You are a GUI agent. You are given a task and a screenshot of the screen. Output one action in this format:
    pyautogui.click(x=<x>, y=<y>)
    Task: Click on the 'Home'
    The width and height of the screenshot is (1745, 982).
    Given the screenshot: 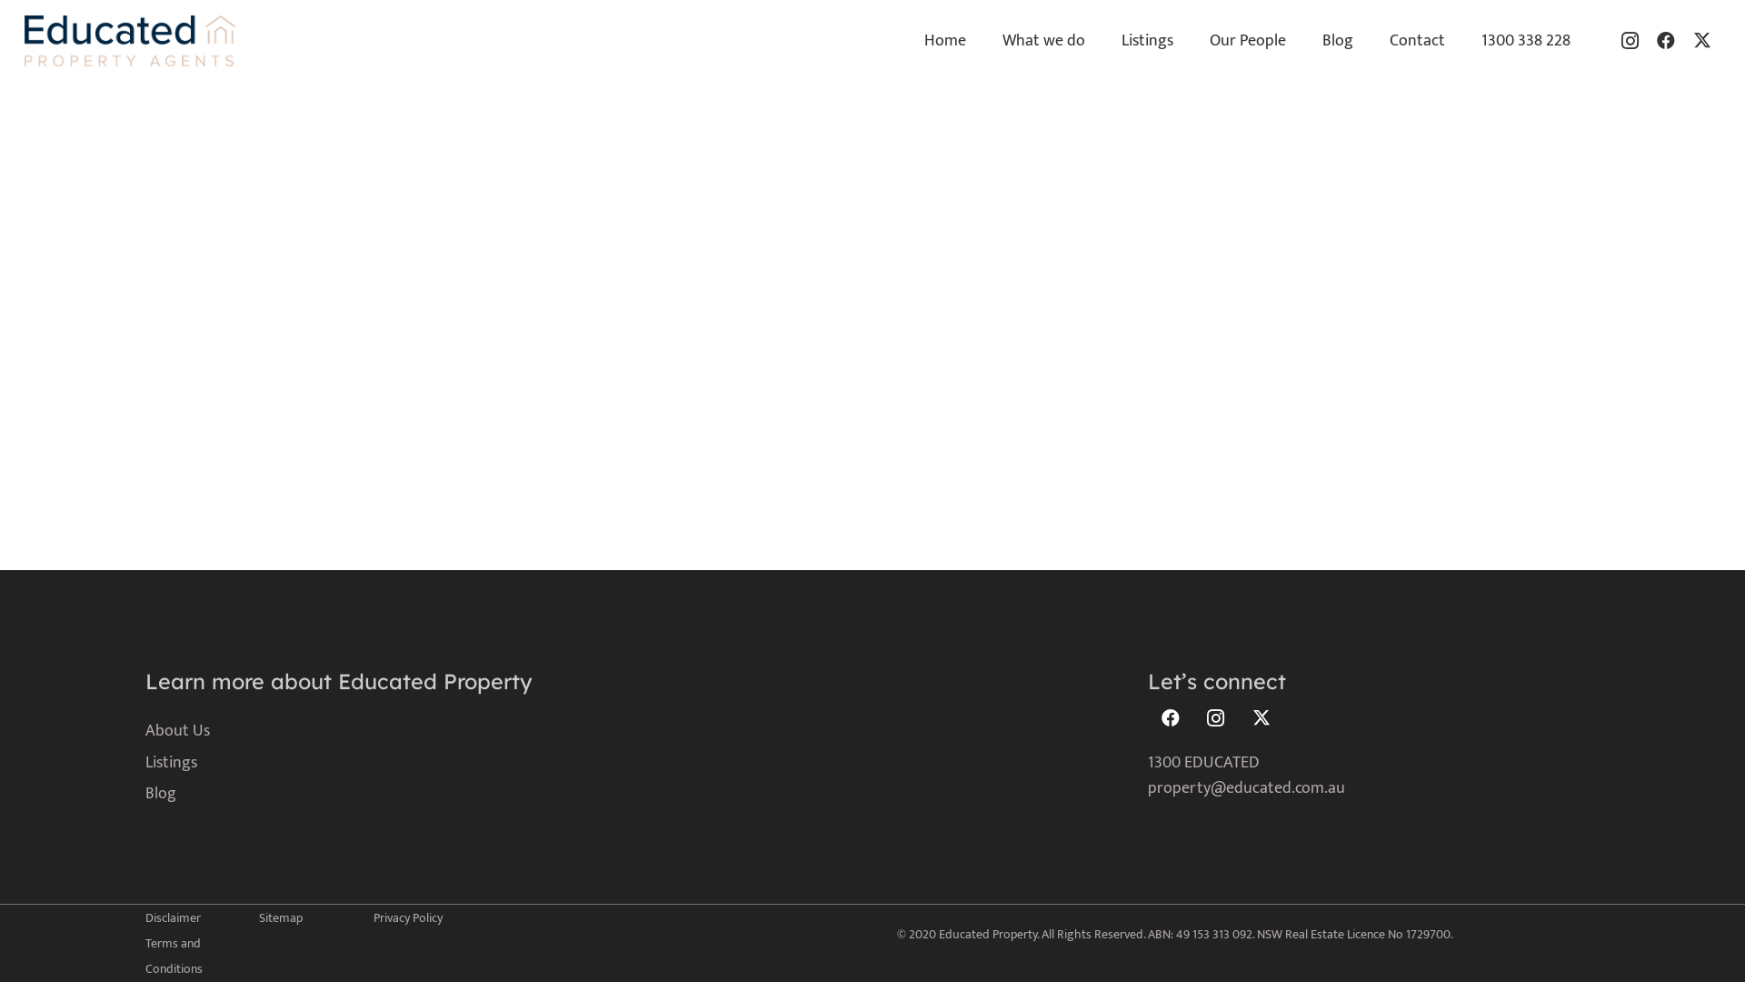 What is the action you would take?
    pyautogui.click(x=945, y=41)
    